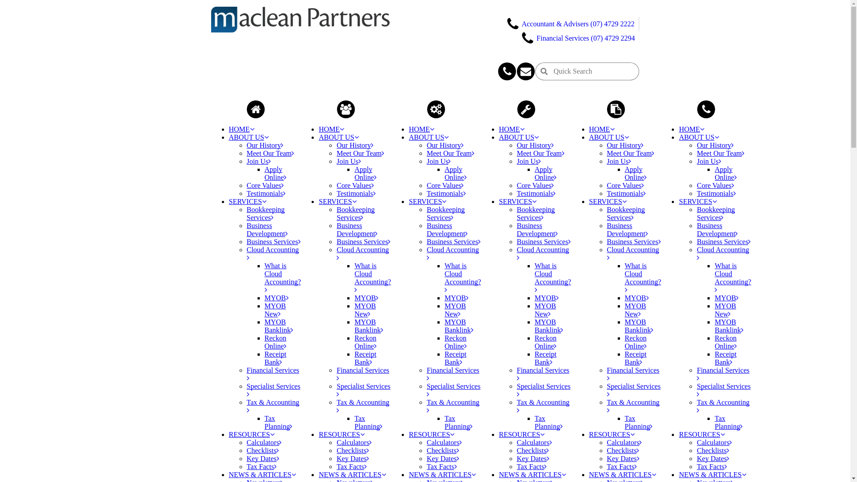 The image size is (857, 482). What do you see at coordinates (336, 185) in the screenshot?
I see `'Core Values'` at bounding box center [336, 185].